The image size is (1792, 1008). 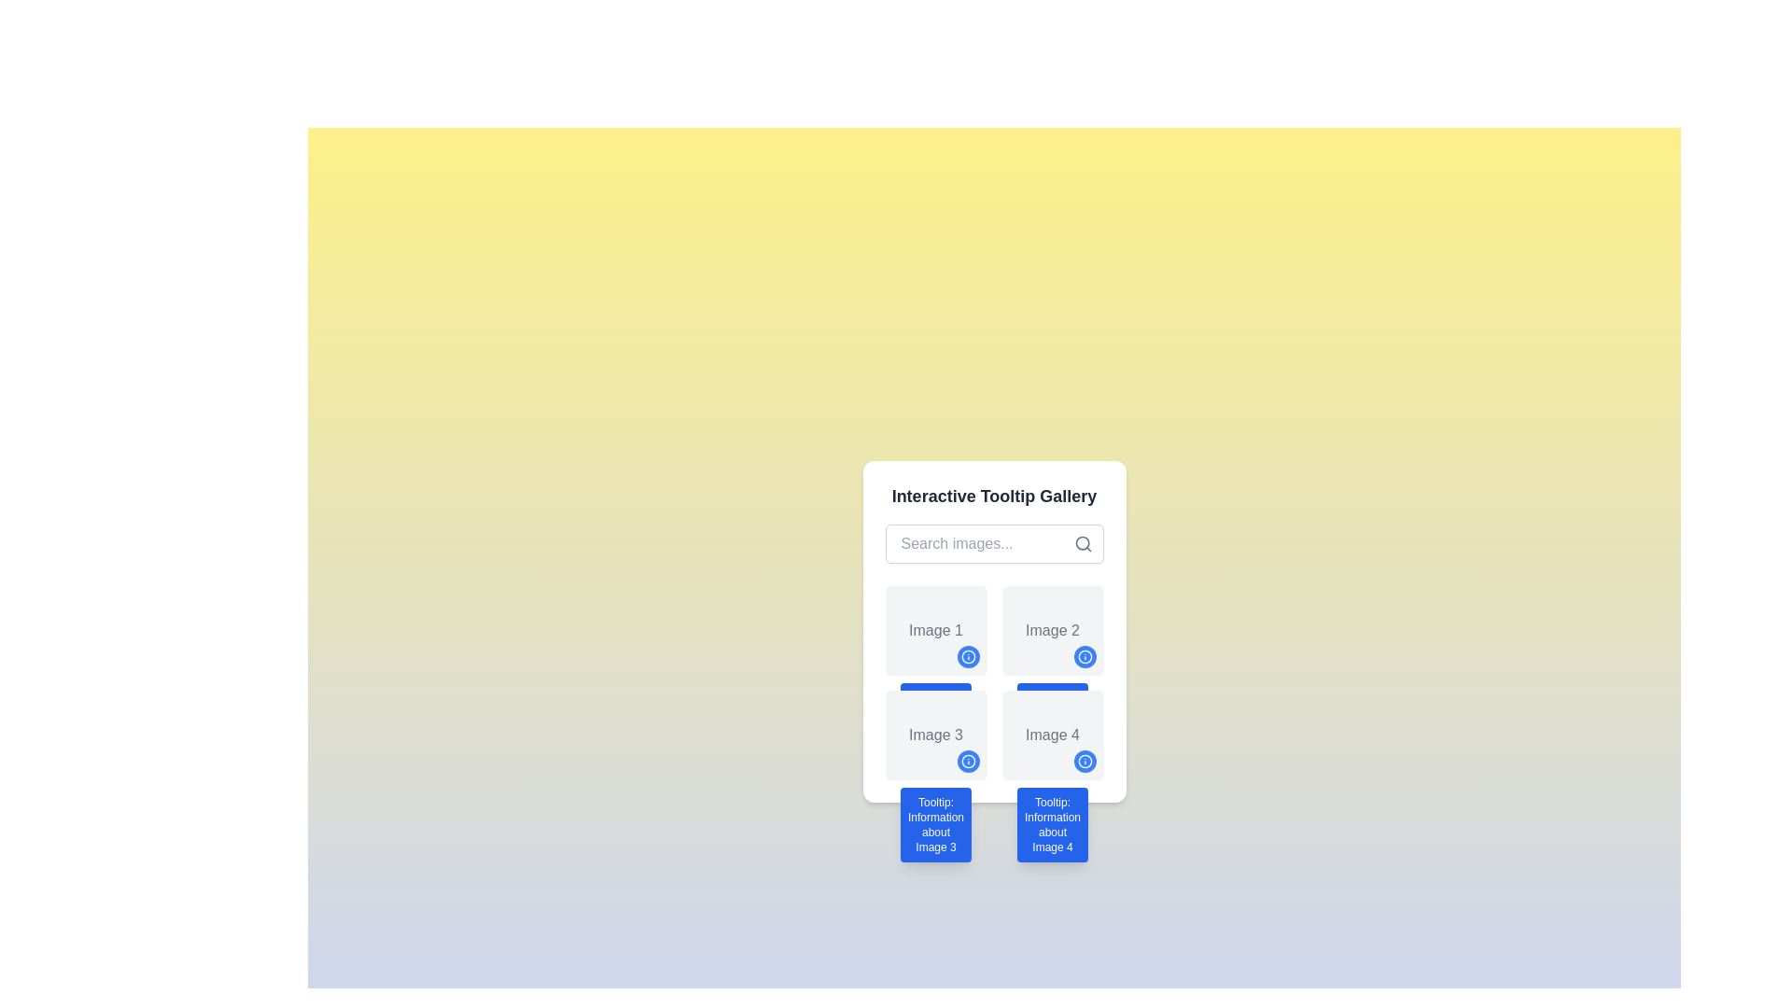 What do you see at coordinates (968, 762) in the screenshot?
I see `the primary circular SVG element which has a thin outline and is centrally positioned among overlapping shapes in the icon set` at bounding box center [968, 762].